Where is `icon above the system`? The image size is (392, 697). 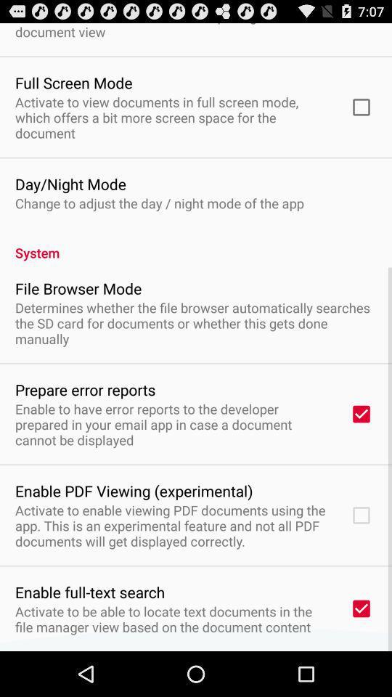 icon above the system is located at coordinates (158, 202).